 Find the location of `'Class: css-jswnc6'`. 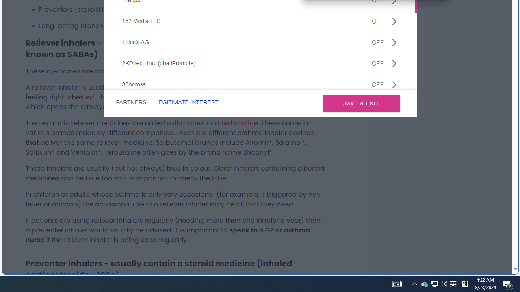

'Class: css-jswnc6' is located at coordinates (394, 84).